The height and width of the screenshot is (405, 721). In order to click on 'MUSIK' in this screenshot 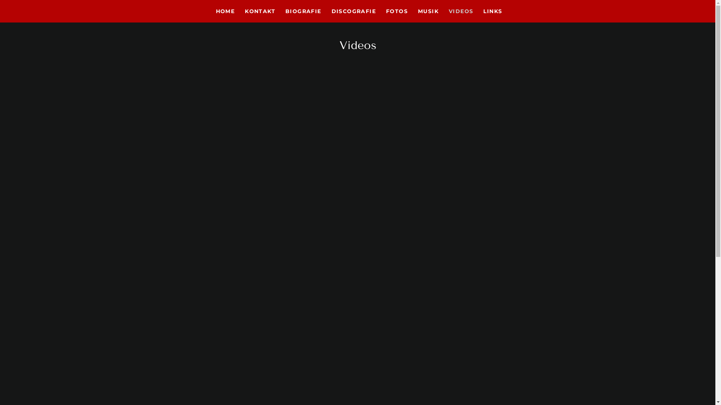, I will do `click(427, 11)`.